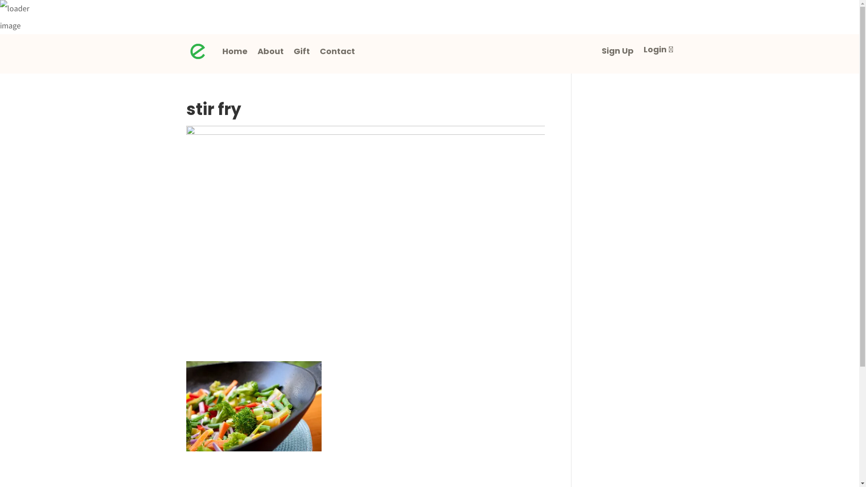 The height and width of the screenshot is (487, 866). I want to click on 'Home', so click(234, 51).